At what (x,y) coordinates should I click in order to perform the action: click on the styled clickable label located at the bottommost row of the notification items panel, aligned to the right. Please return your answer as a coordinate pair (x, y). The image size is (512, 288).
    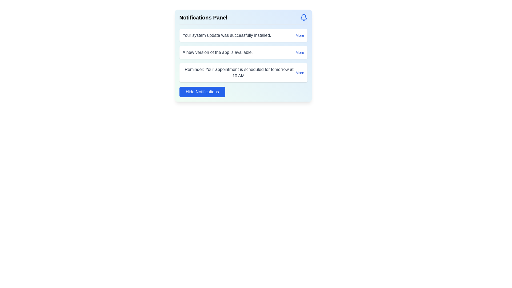
    Looking at the image, I should click on (299, 73).